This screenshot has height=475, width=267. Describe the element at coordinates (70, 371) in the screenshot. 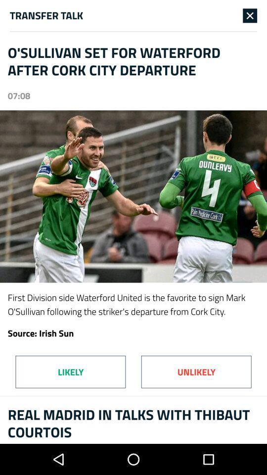

I see `likely at the bottom left corner` at that location.